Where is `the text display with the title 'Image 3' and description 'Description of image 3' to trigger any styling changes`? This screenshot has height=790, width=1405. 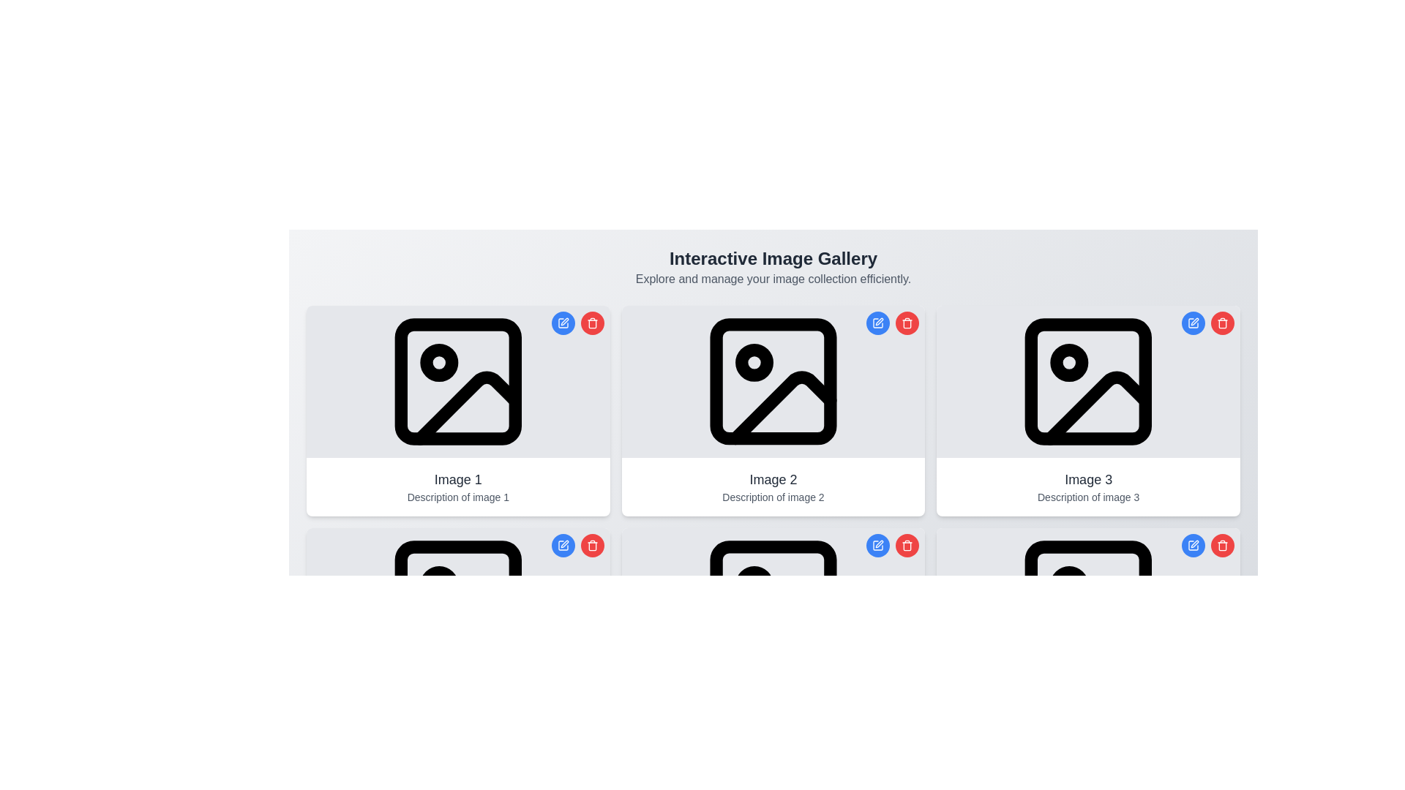
the text display with the title 'Image 3' and description 'Description of image 3' to trigger any styling changes is located at coordinates (1088, 487).